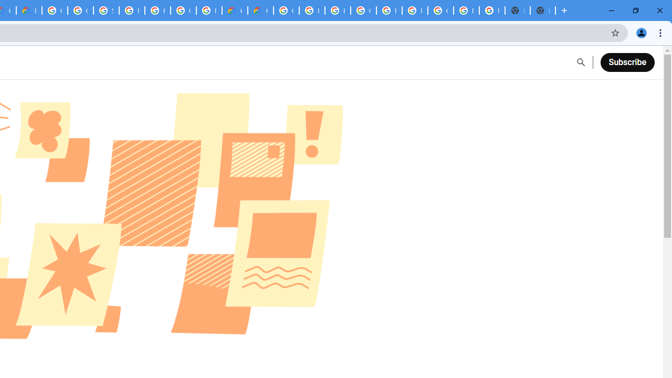 Image resolution: width=672 pixels, height=378 pixels. What do you see at coordinates (234, 10) in the screenshot?
I see `'Customer Care | Google Cloud'` at bounding box center [234, 10].